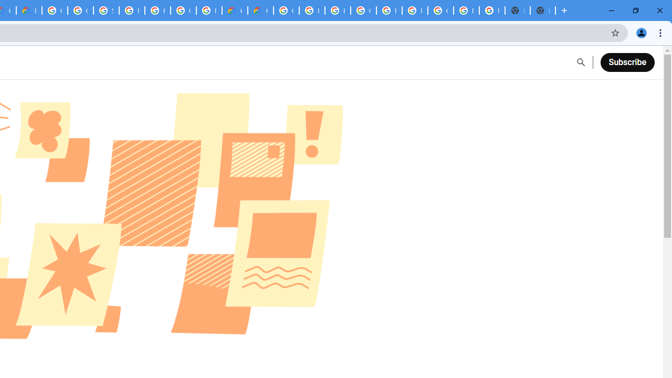 Image resolution: width=672 pixels, height=378 pixels. What do you see at coordinates (234, 10) in the screenshot?
I see `'Customer Care | Google Cloud'` at bounding box center [234, 10].